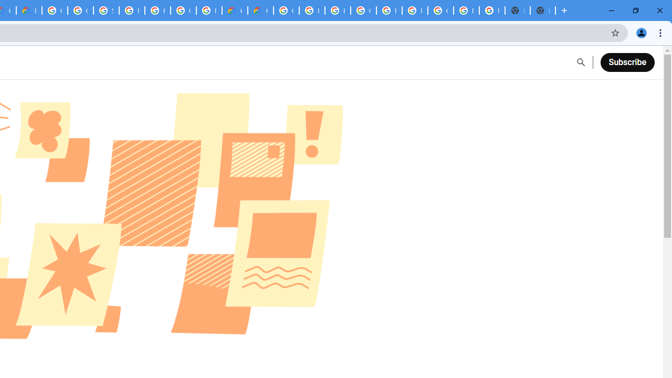 Image resolution: width=672 pixels, height=378 pixels. What do you see at coordinates (234, 10) in the screenshot?
I see `'Customer Care | Google Cloud'` at bounding box center [234, 10].